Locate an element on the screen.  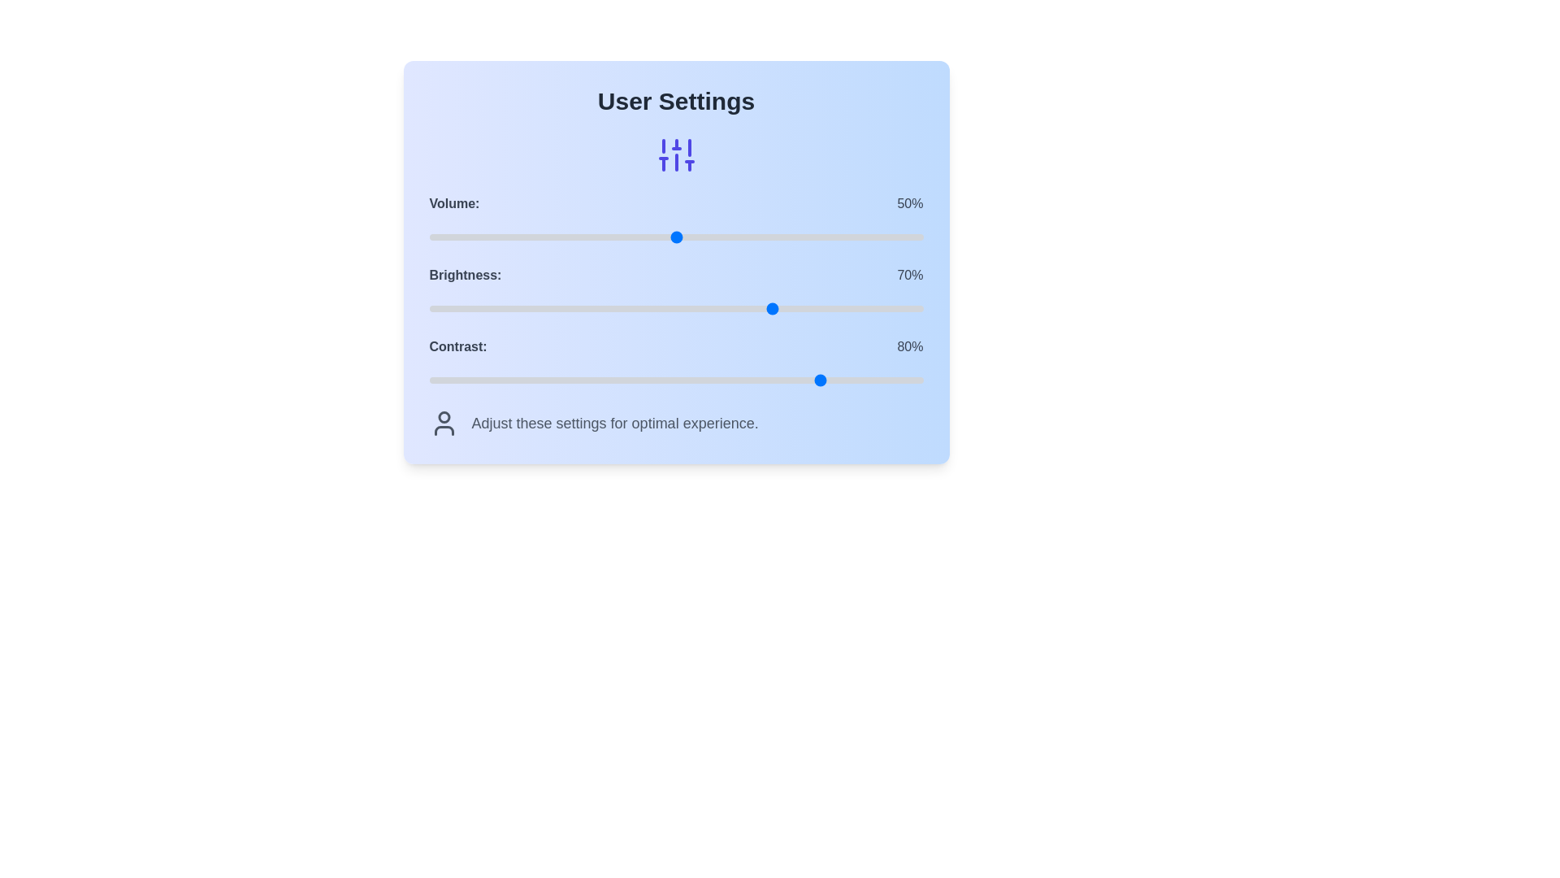
brightness is located at coordinates (444, 309).